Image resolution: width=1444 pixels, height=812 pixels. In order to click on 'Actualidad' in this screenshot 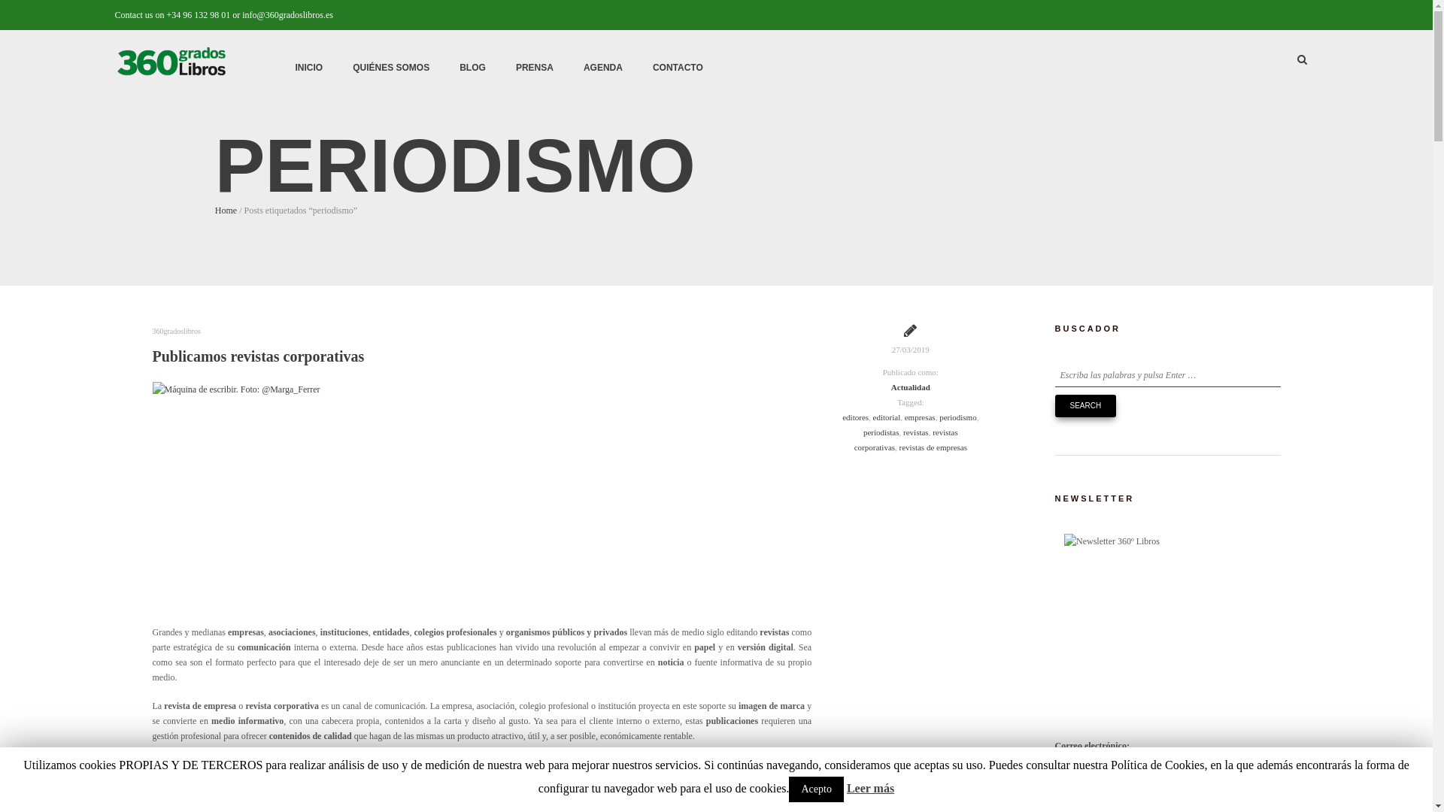, I will do `click(909, 386)`.